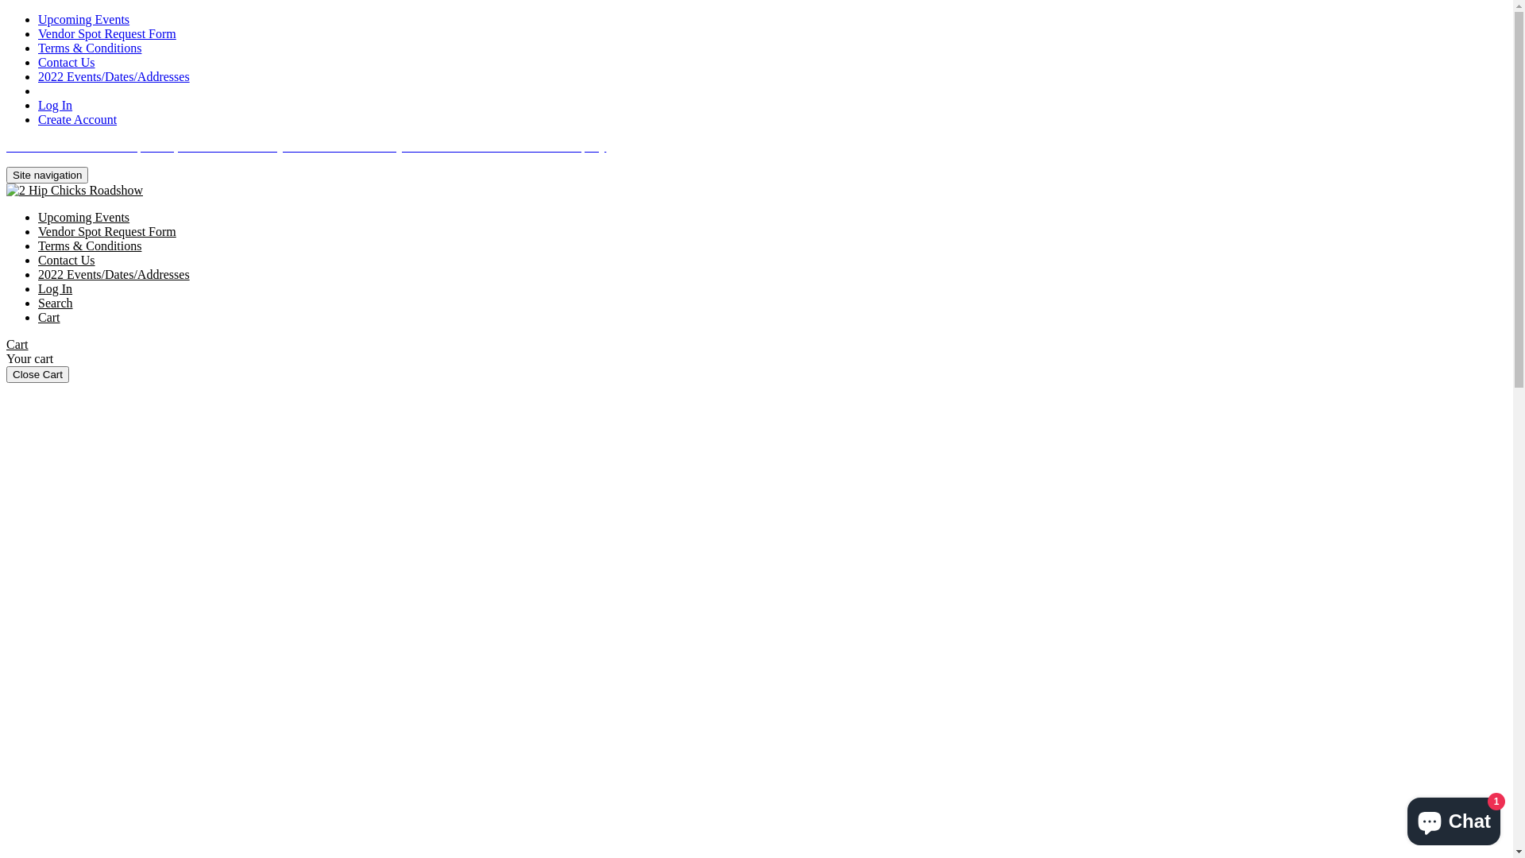 This screenshot has width=1525, height=858. I want to click on 'Close Cart', so click(37, 374).